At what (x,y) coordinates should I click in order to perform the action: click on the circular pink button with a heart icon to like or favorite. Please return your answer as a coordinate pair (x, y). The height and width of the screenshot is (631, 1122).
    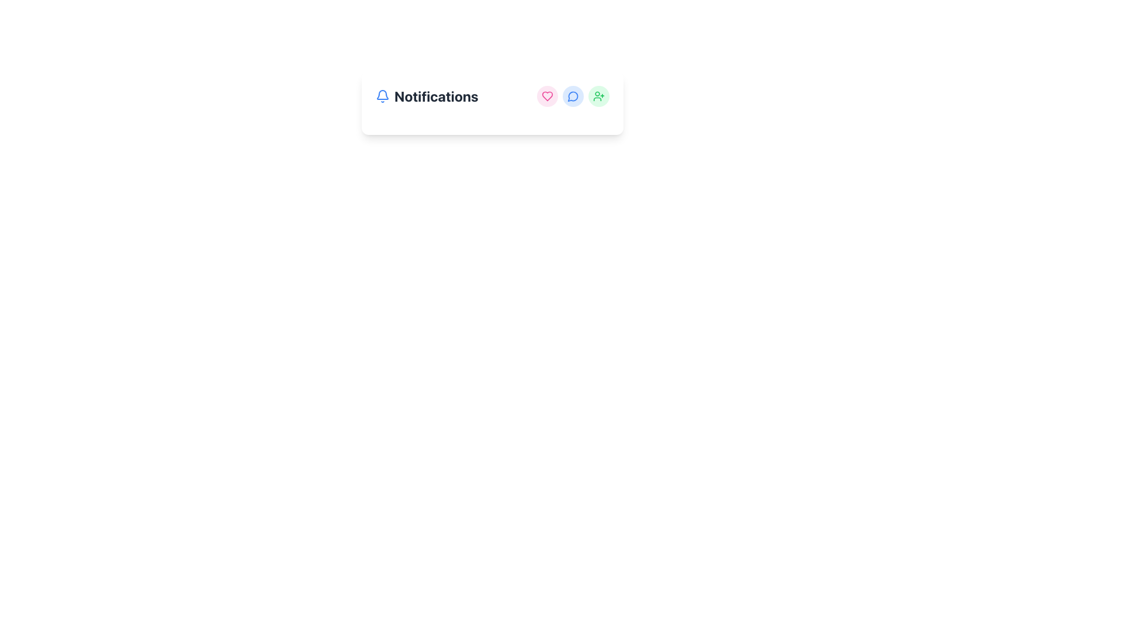
    Looking at the image, I should click on (546, 96).